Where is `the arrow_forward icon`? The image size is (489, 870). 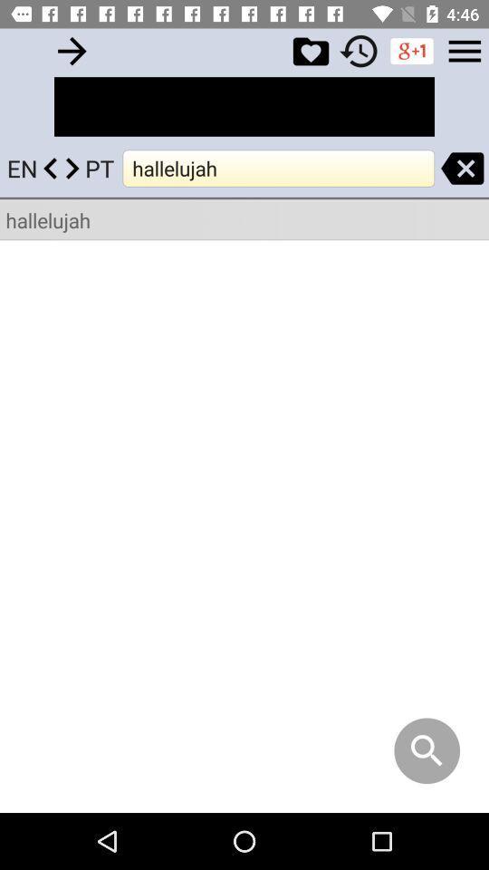 the arrow_forward icon is located at coordinates (71, 50).